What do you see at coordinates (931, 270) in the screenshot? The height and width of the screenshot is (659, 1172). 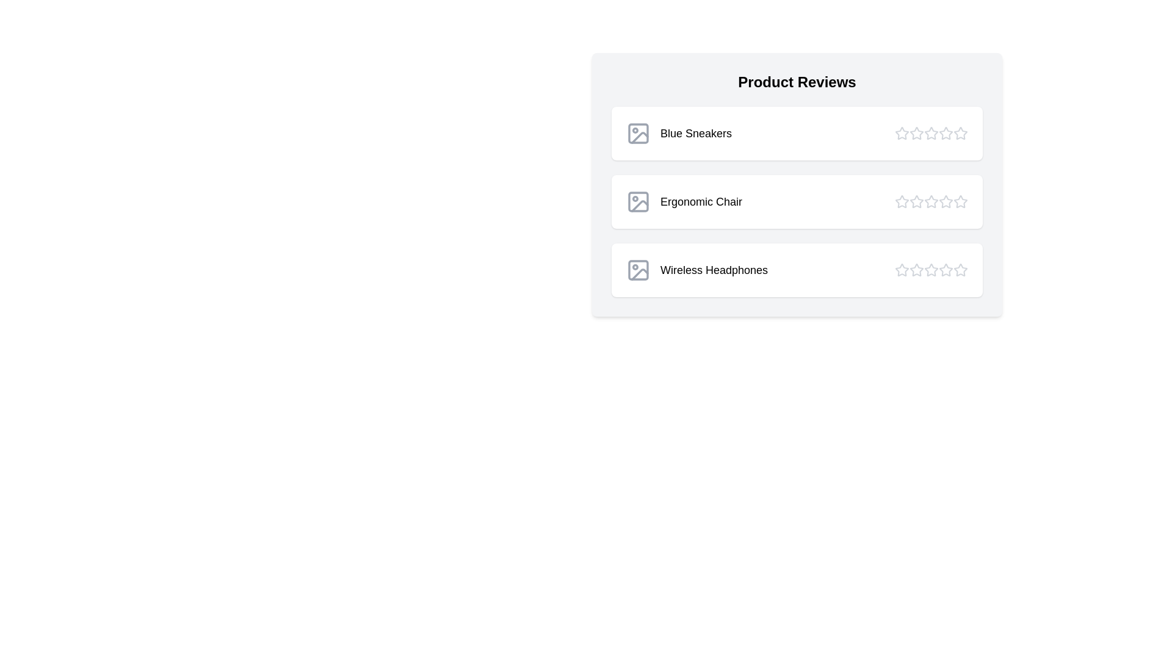 I see `the star corresponding to 3 stars for the product Wireless Headphones` at bounding box center [931, 270].